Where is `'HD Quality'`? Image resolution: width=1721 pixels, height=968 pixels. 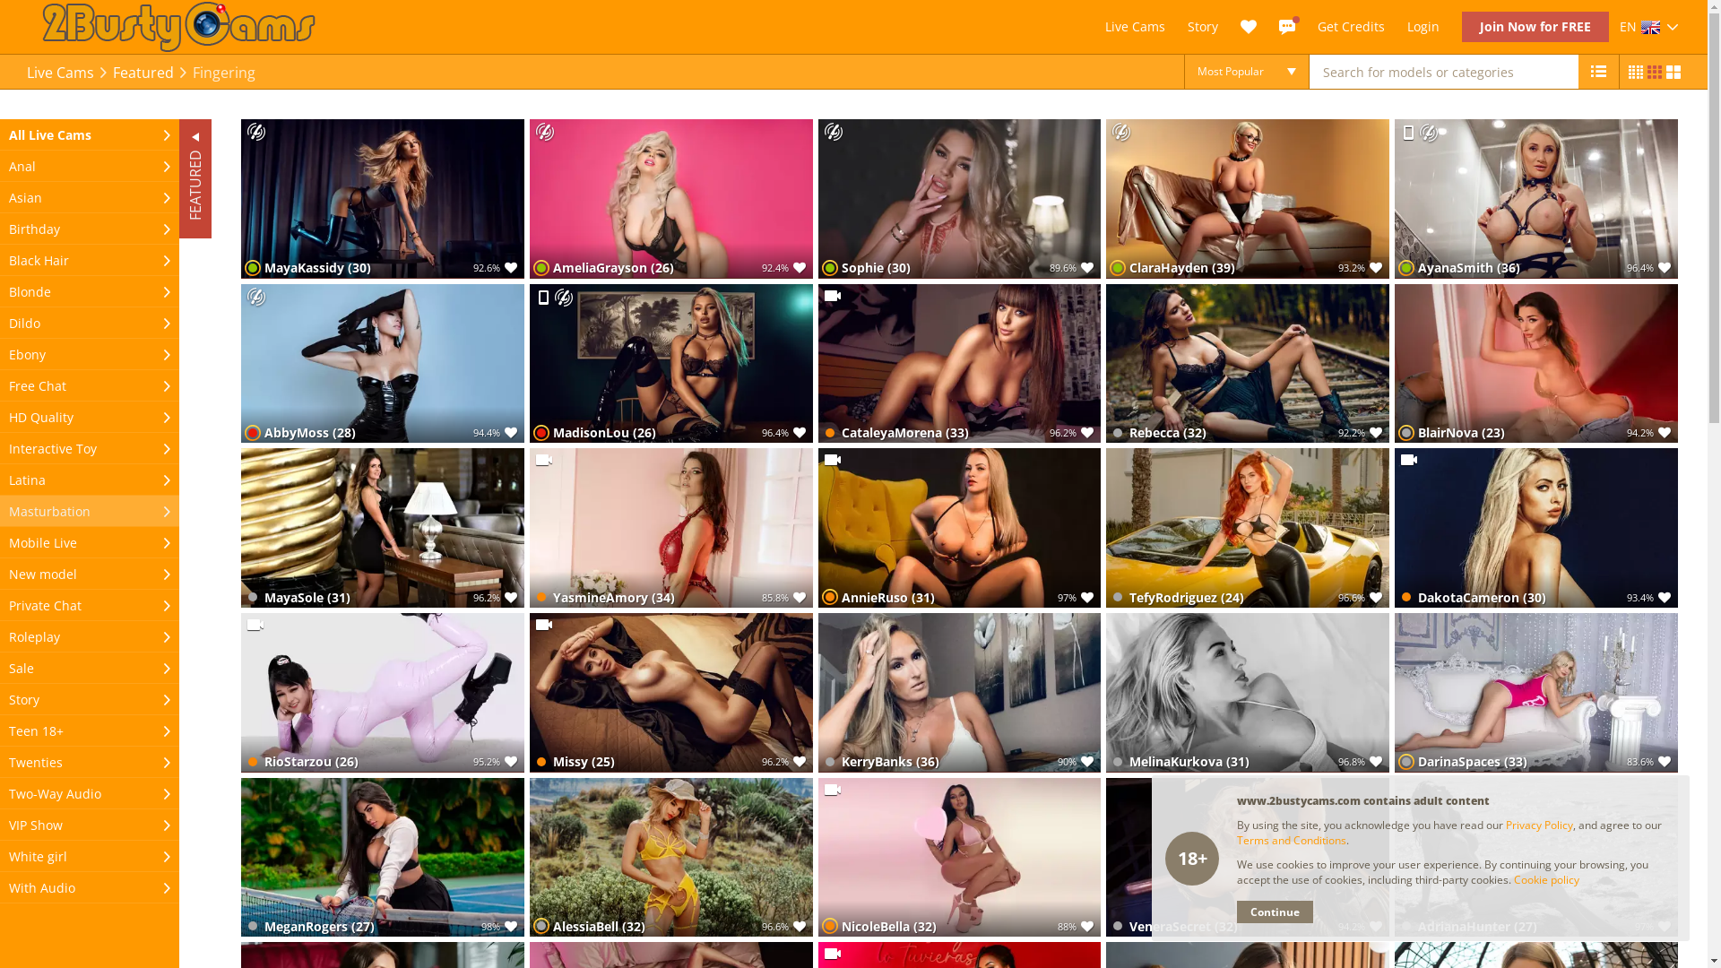 'HD Quality' is located at coordinates (89, 417).